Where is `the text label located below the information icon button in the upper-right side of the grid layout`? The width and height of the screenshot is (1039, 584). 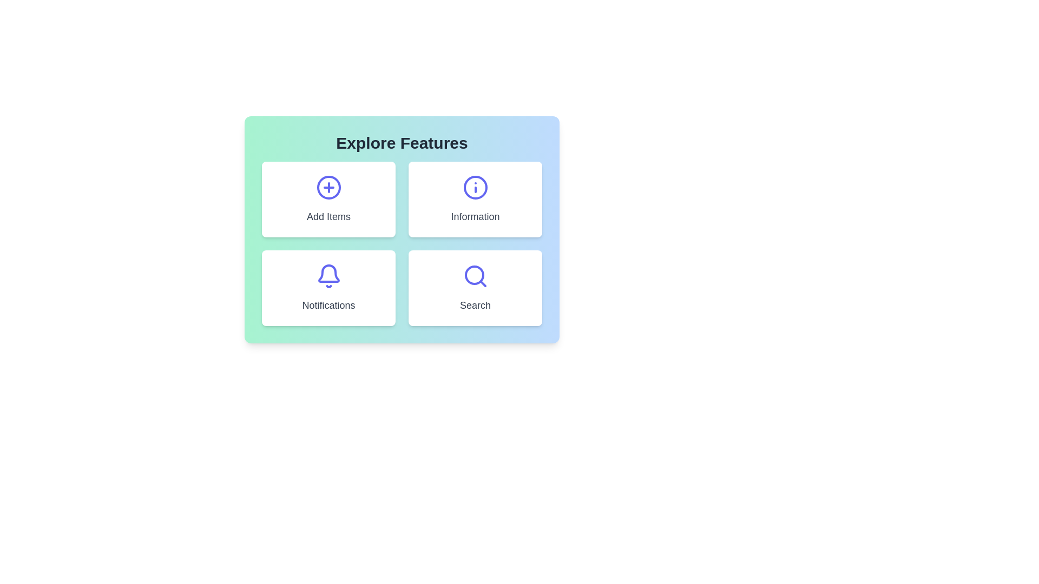 the text label located below the information icon button in the upper-right side of the grid layout is located at coordinates (475, 217).